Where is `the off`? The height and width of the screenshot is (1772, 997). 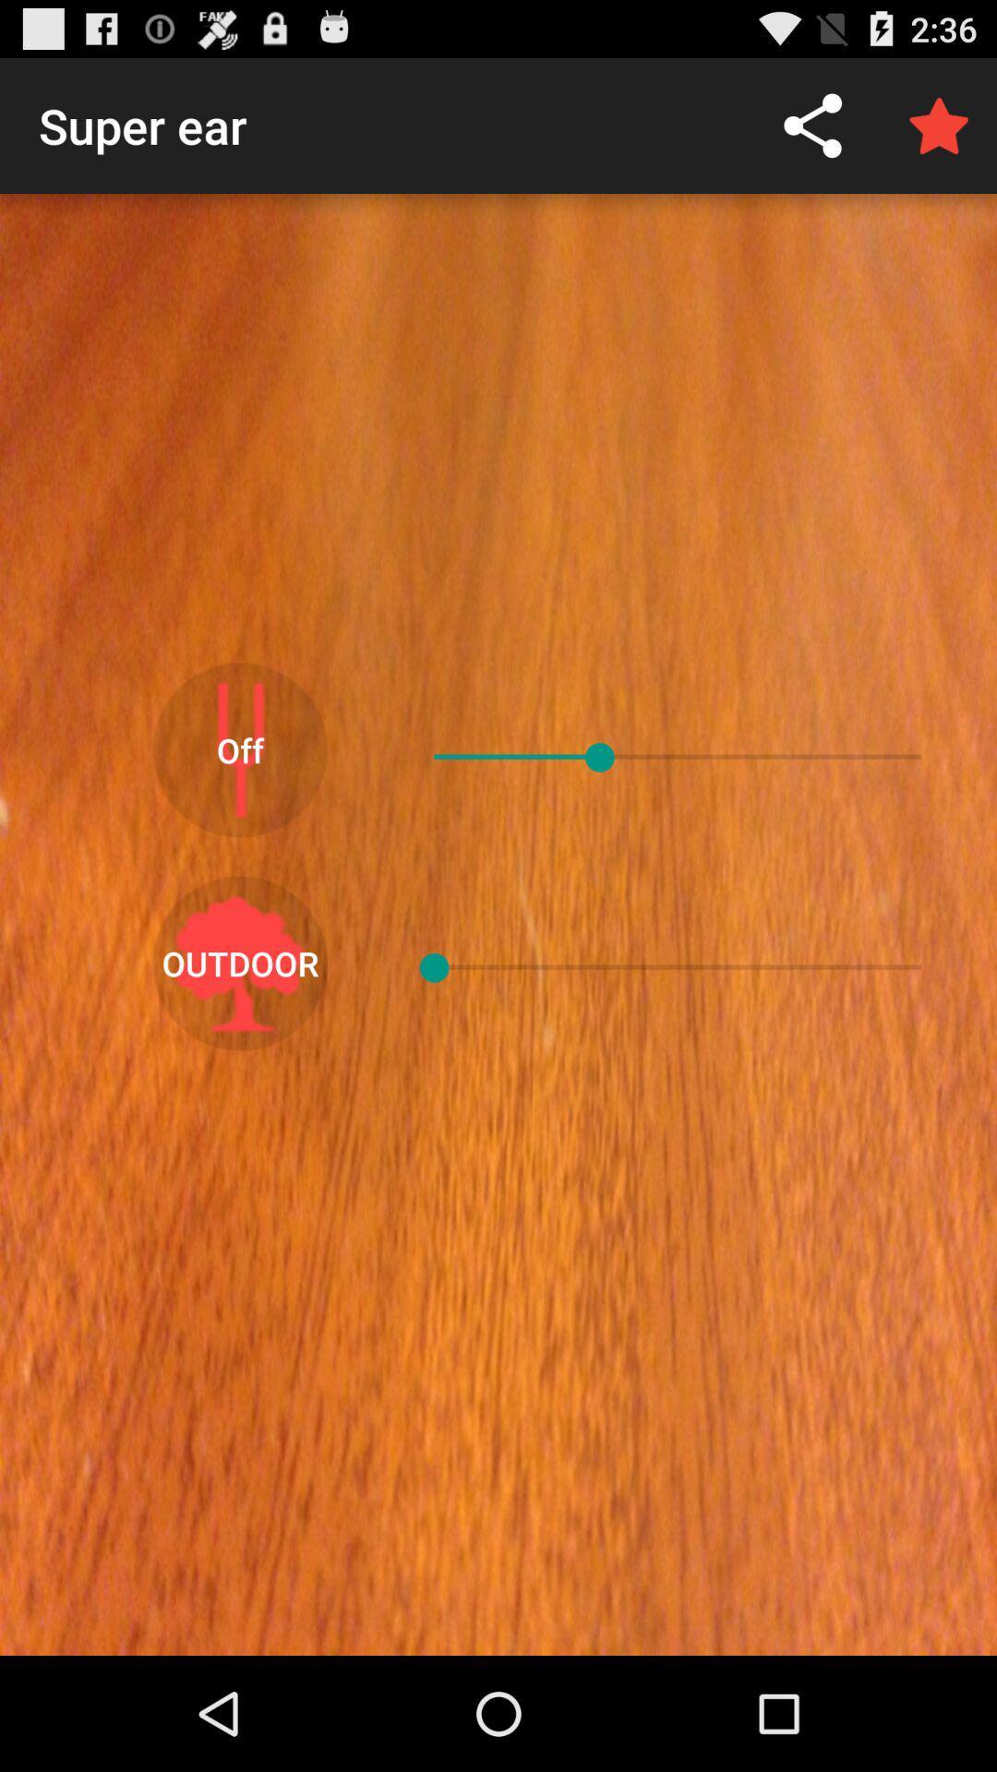 the off is located at coordinates (239, 749).